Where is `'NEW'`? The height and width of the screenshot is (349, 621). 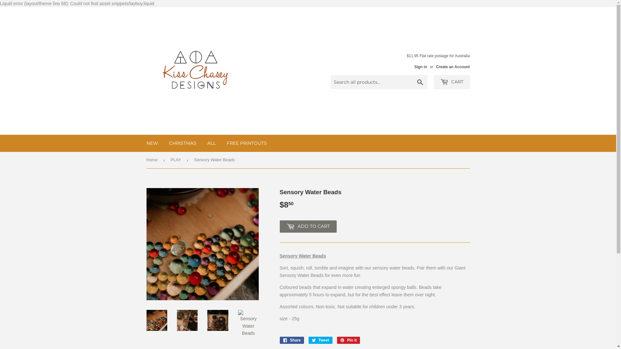 'NEW' is located at coordinates (152, 143).